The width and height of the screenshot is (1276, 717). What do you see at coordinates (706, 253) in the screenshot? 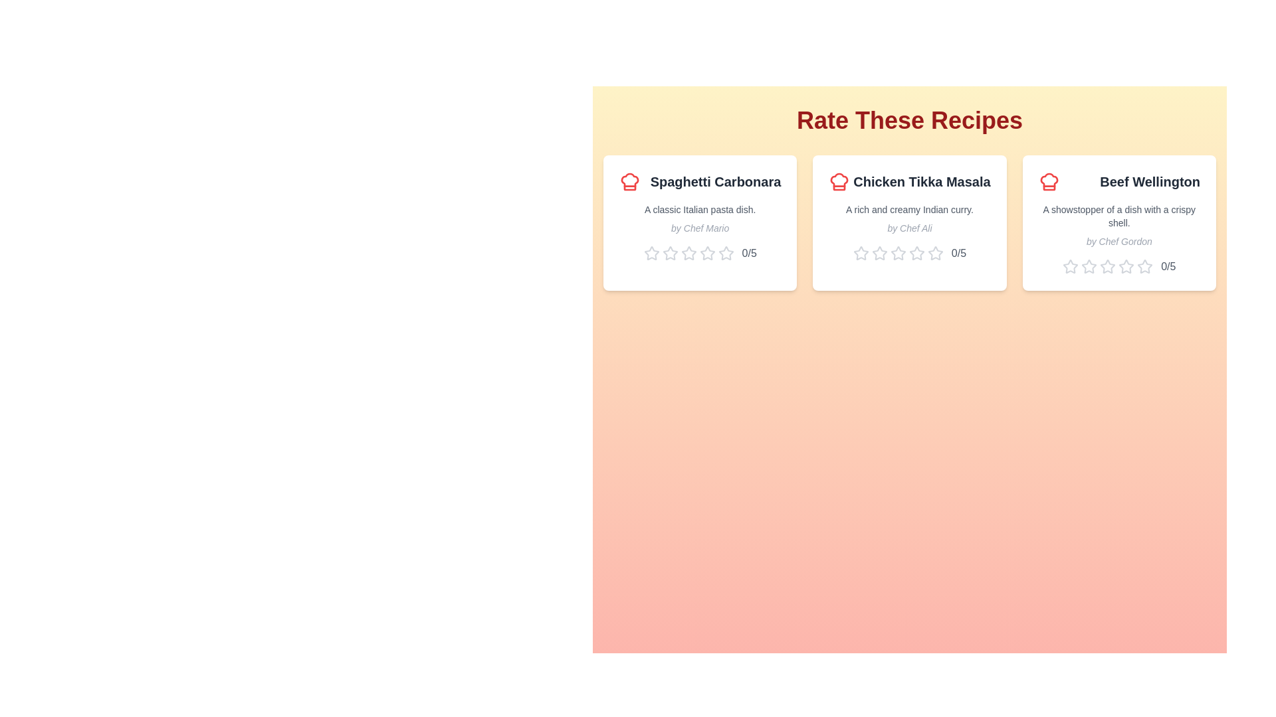
I see `the rating for a recipe to 4 stars` at bounding box center [706, 253].